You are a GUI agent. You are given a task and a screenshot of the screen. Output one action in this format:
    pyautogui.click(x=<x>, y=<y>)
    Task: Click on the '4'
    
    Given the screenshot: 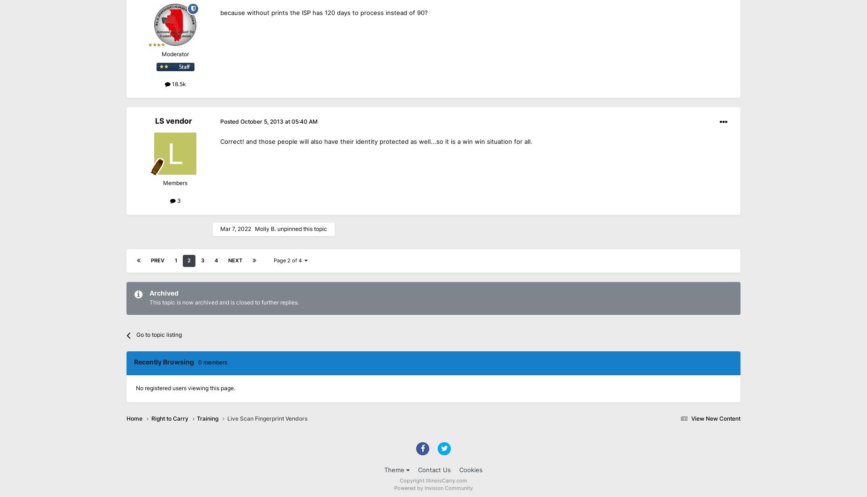 What is the action you would take?
    pyautogui.click(x=216, y=260)
    